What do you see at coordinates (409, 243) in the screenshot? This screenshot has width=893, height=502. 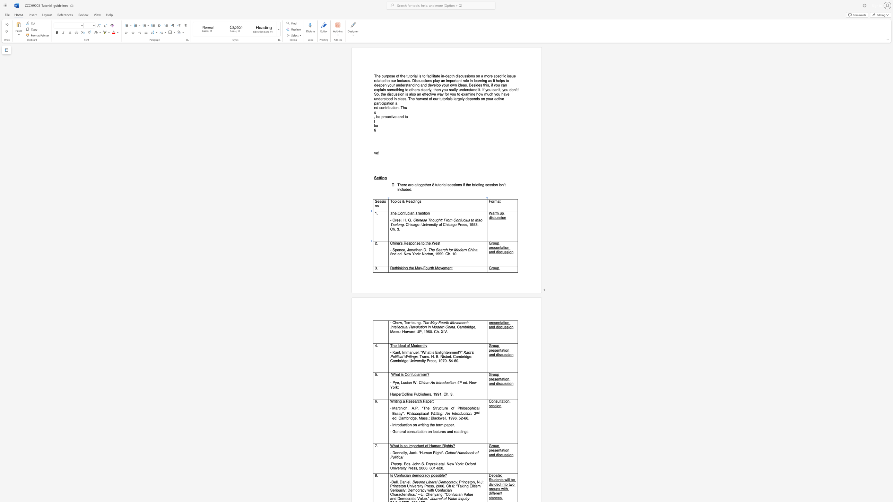 I see `the 2th character "s" in the text` at bounding box center [409, 243].